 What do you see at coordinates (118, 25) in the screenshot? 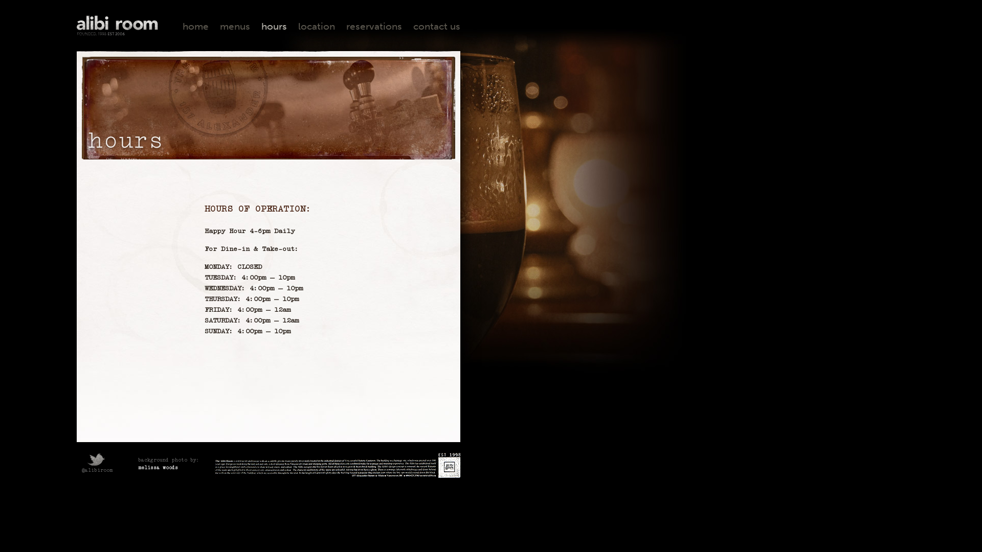
I see `'Alibi Room'` at bounding box center [118, 25].